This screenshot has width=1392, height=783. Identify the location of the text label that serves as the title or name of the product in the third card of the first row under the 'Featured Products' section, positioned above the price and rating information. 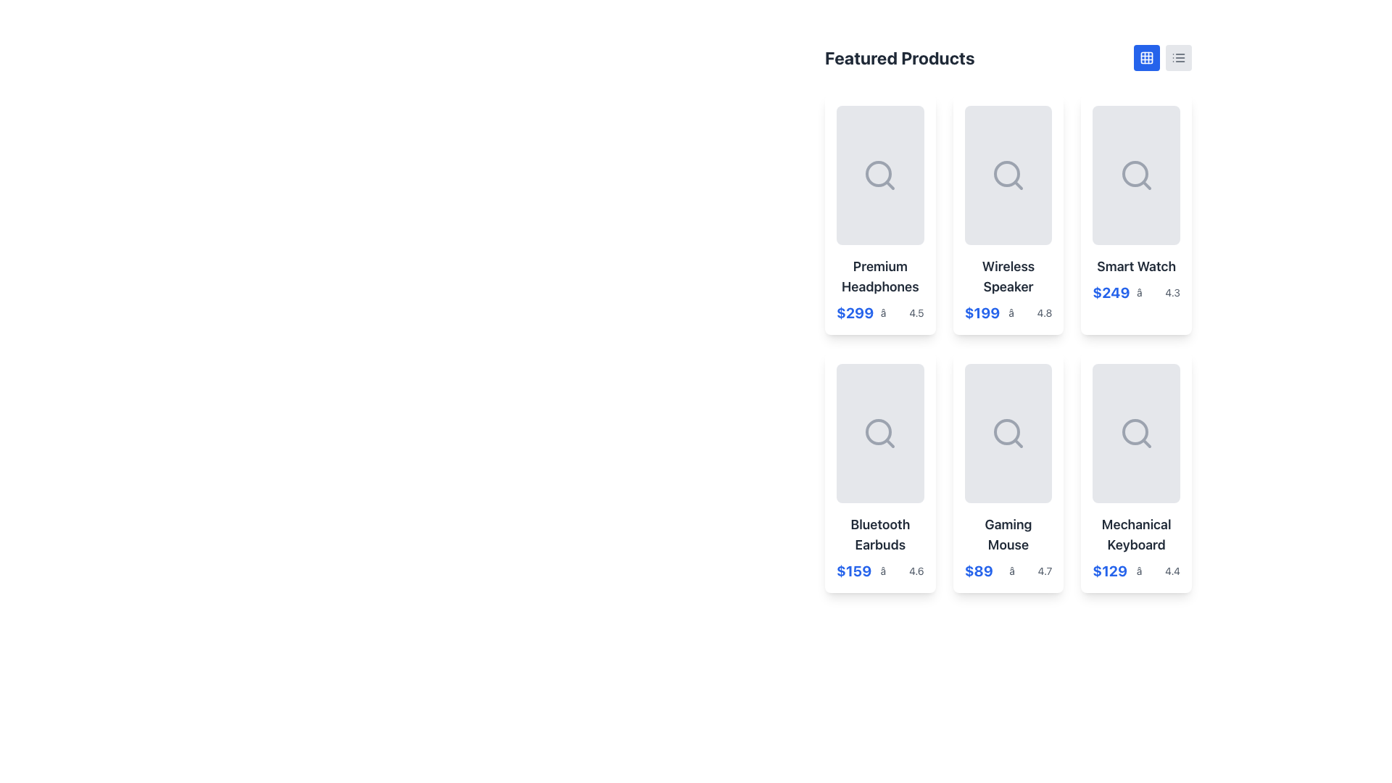
(1135, 266).